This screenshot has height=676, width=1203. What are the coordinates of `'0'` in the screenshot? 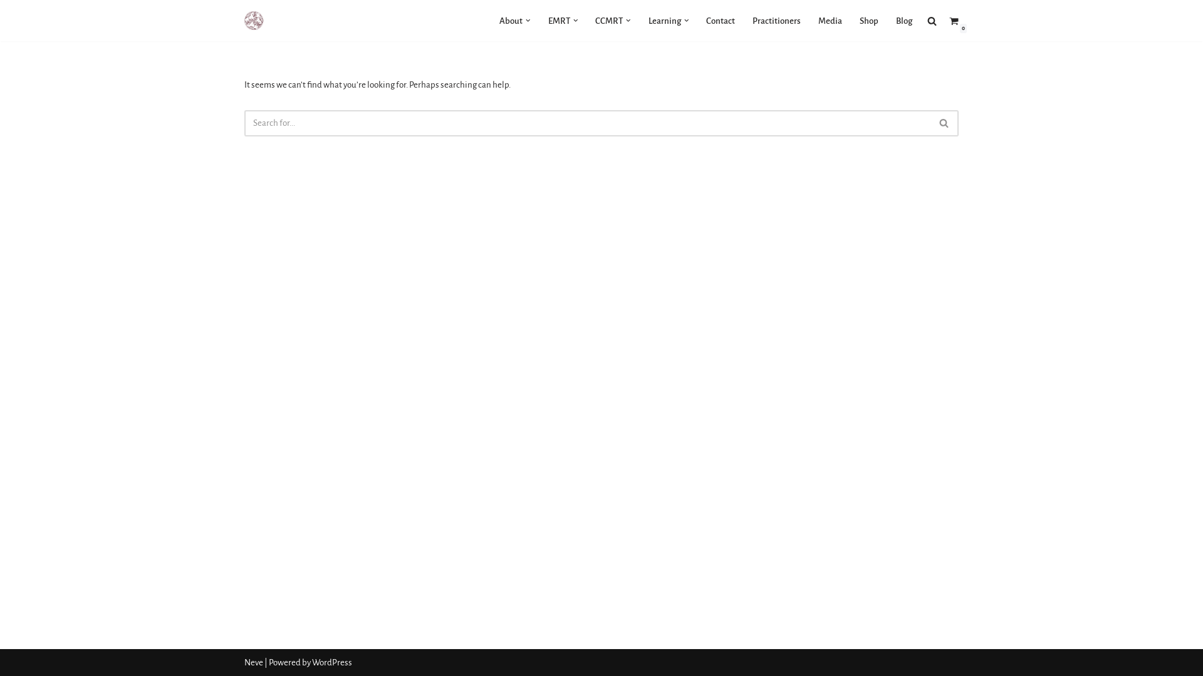 It's located at (953, 20).